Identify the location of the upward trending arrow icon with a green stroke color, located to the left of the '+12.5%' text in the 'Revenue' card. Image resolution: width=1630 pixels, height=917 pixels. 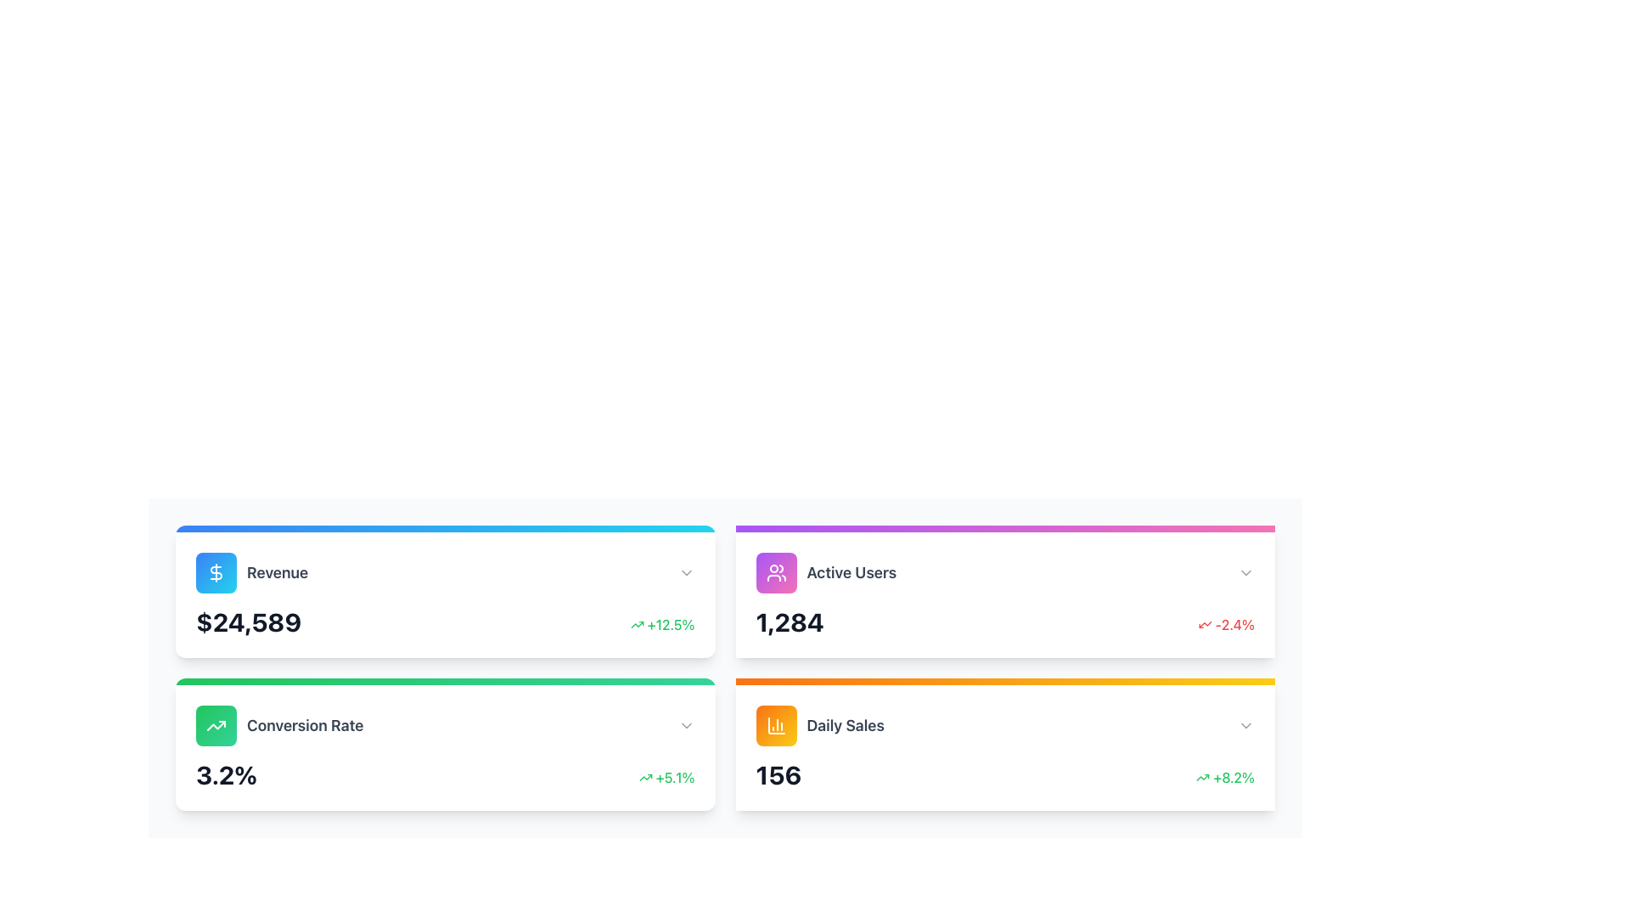
(636, 625).